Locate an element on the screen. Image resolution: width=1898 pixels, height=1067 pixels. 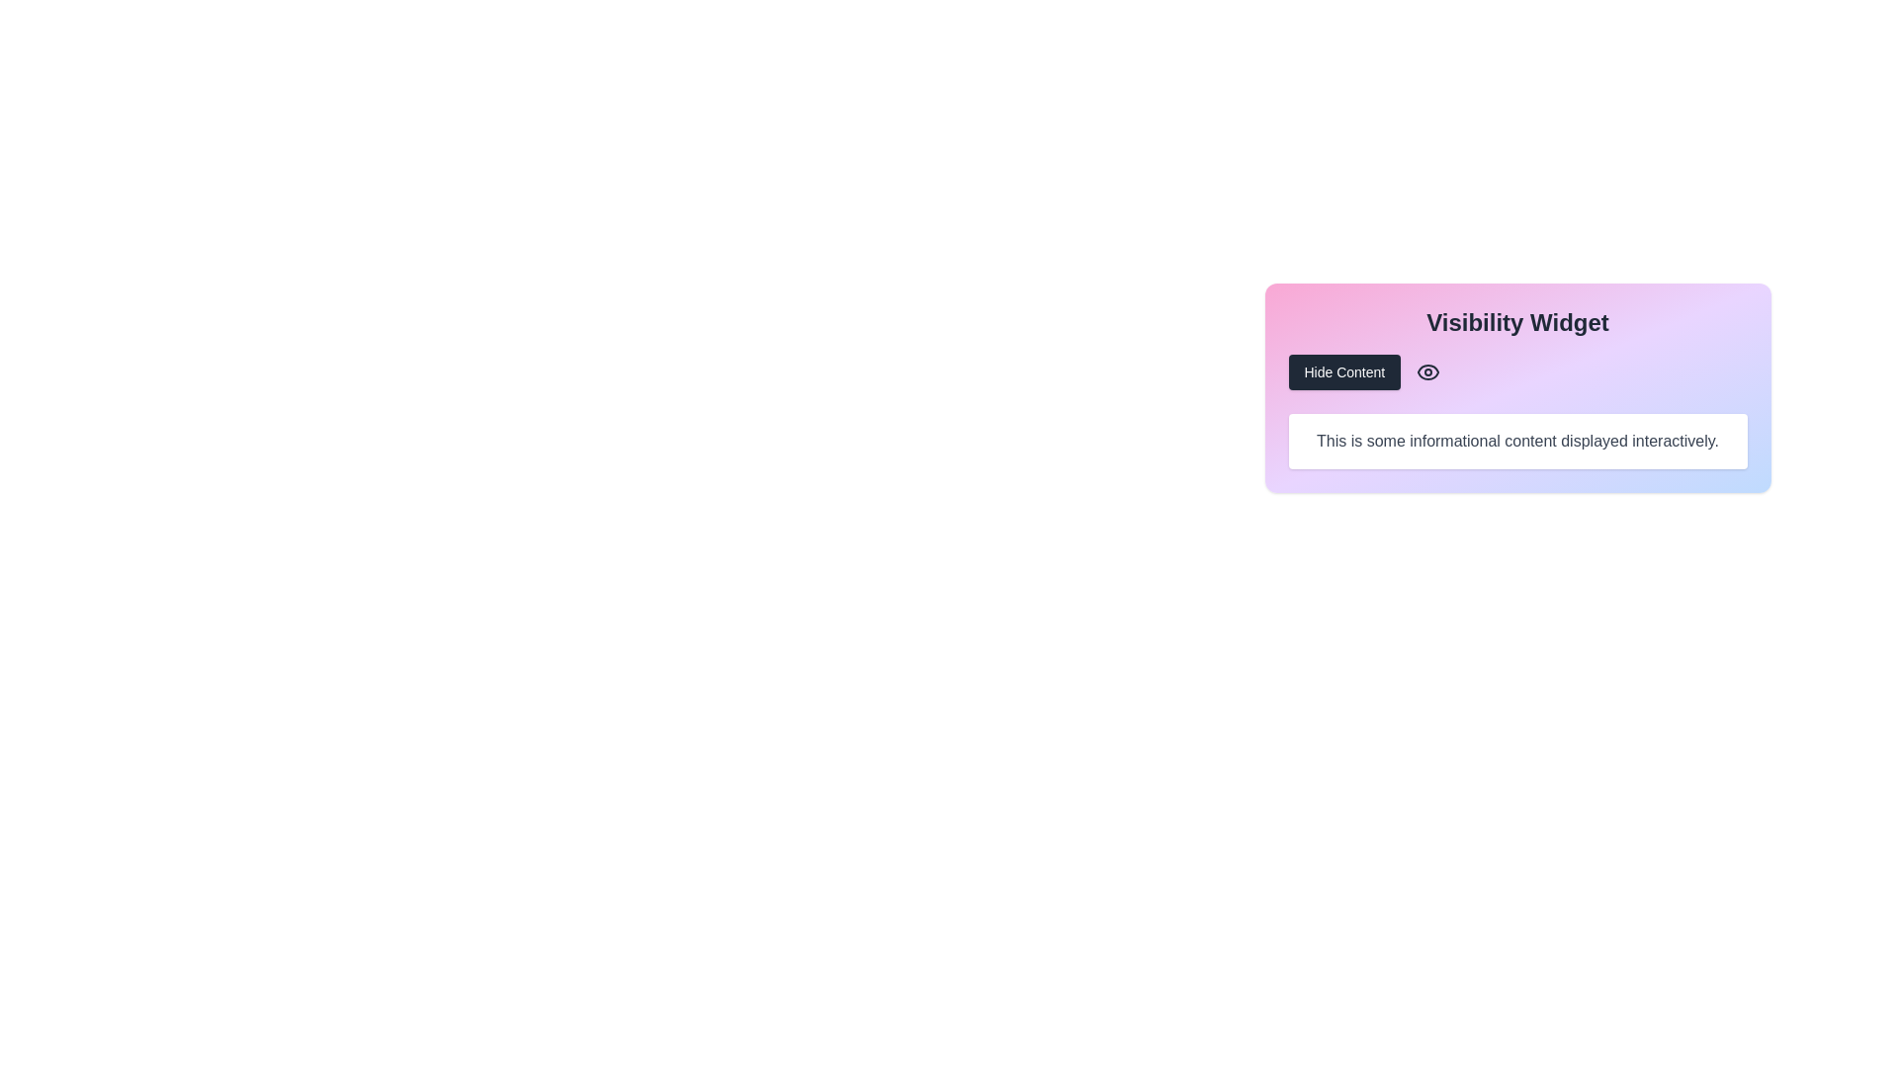
the static text label located within the card component towards the center-right of the page, which provides informational text below the 'Hide Content' button and an icon is located at coordinates (1516, 441).